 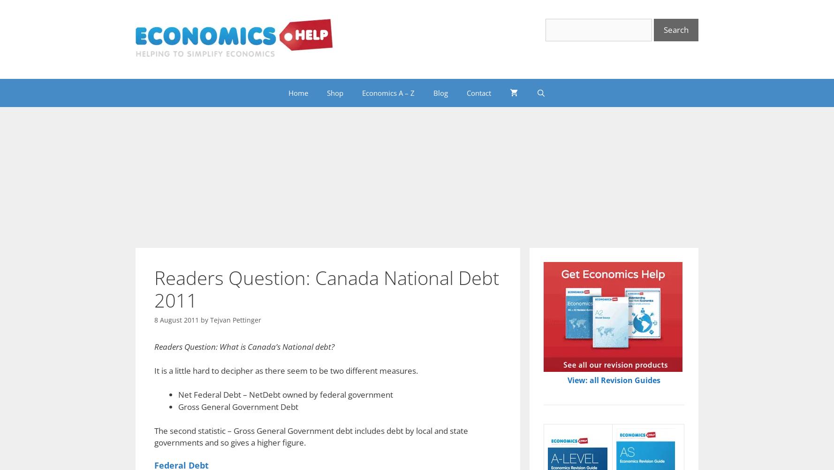 I want to click on 'by', so click(x=205, y=319).